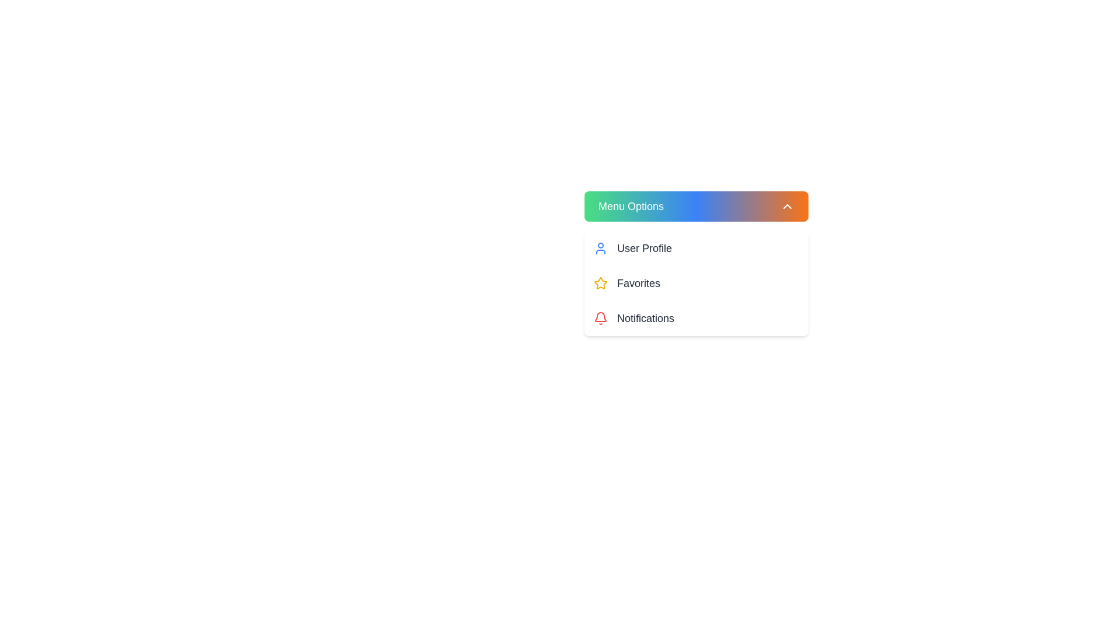  I want to click on the 'User Profile' Icon by moving the cursor to its center point, so click(601, 247).